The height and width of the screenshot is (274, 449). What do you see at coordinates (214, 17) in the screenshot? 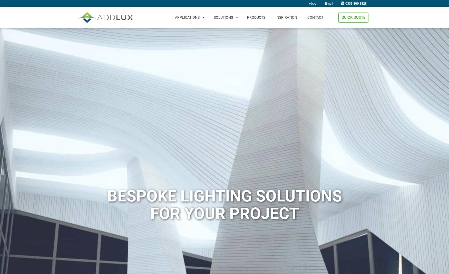
I see `'SOLUTIONS'` at bounding box center [214, 17].